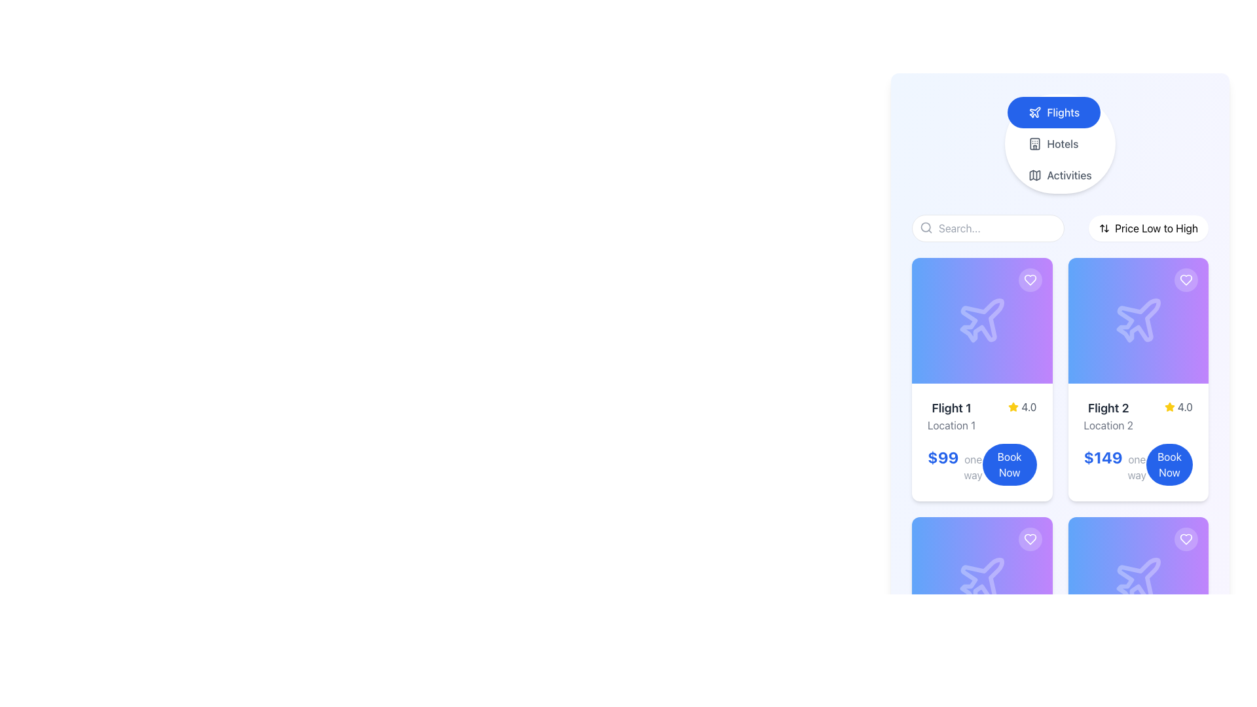 This screenshot has height=707, width=1257. What do you see at coordinates (1137, 379) in the screenshot?
I see `the second flight option card in the grid layout` at bounding box center [1137, 379].